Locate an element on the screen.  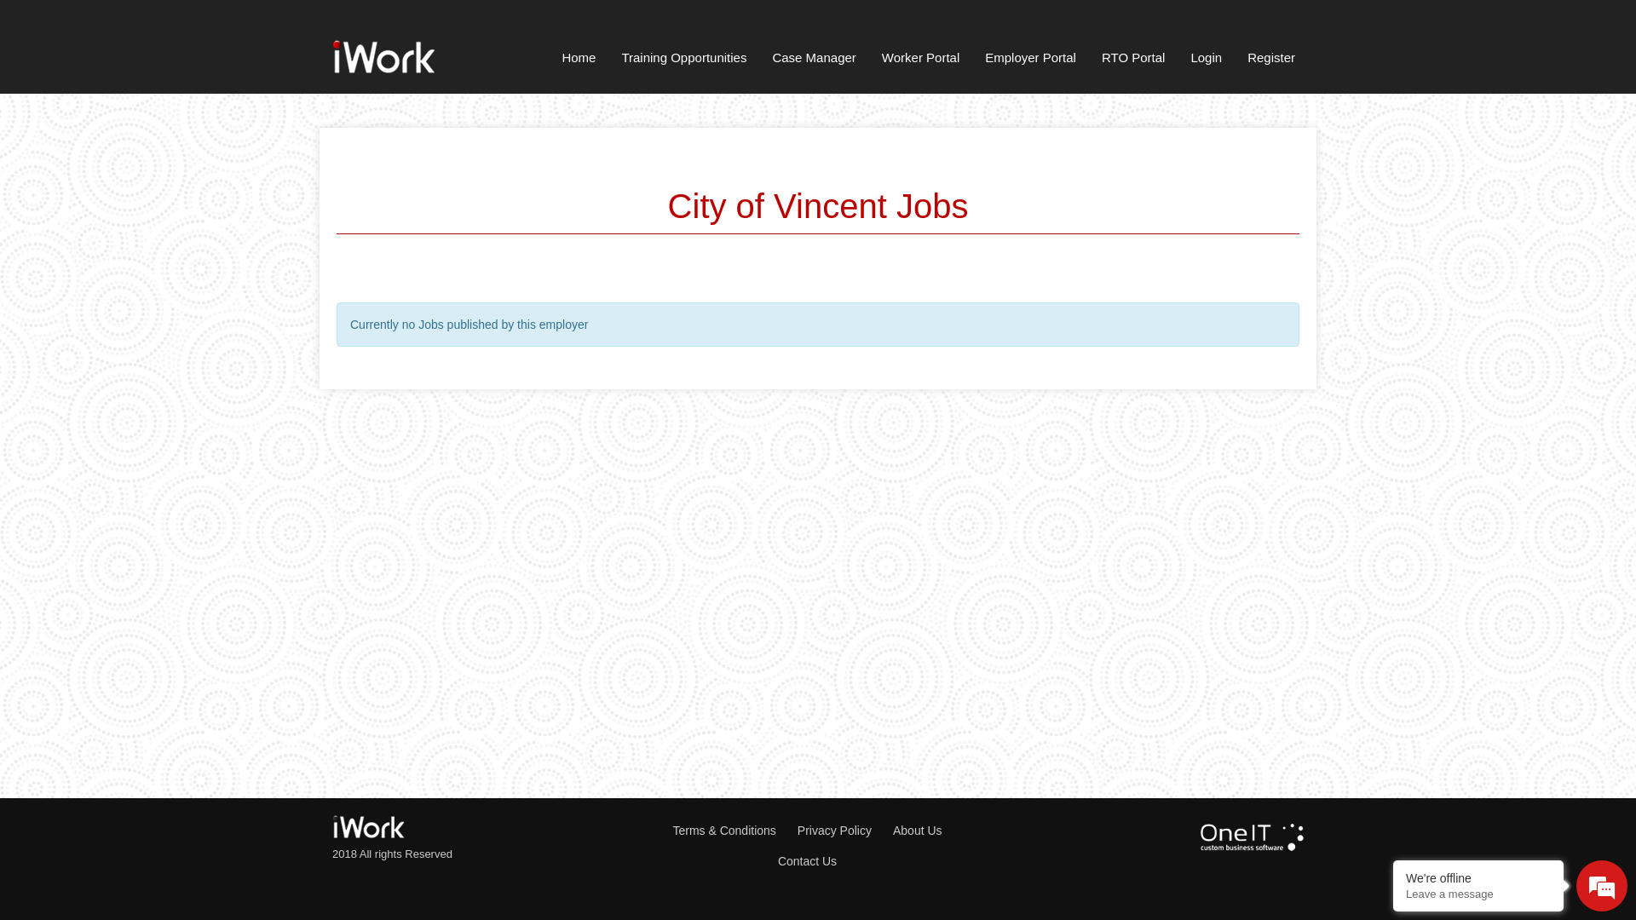
'Register' is located at coordinates (1271, 60).